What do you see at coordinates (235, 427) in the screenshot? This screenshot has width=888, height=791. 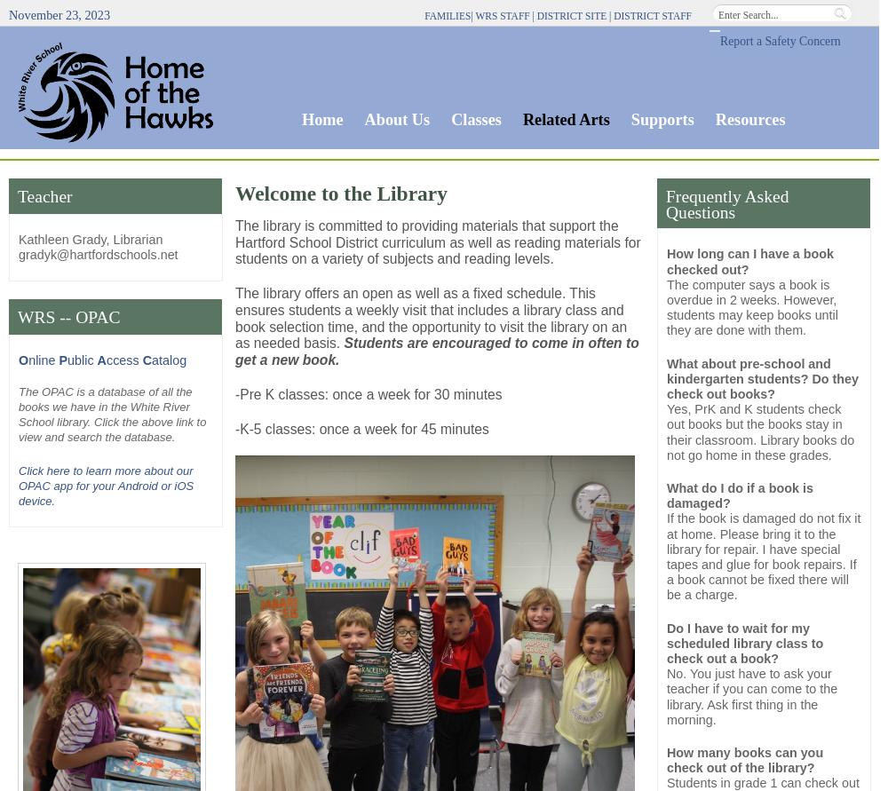 I see `'-K-5 classes: once a week for 45 minutes'` at bounding box center [235, 427].